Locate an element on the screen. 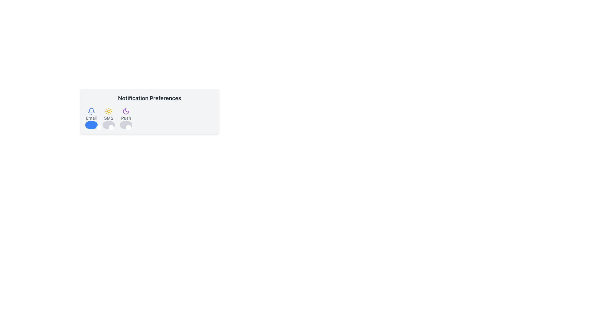  the Notification Preference Toggle for SMS notifications is located at coordinates (108, 118).